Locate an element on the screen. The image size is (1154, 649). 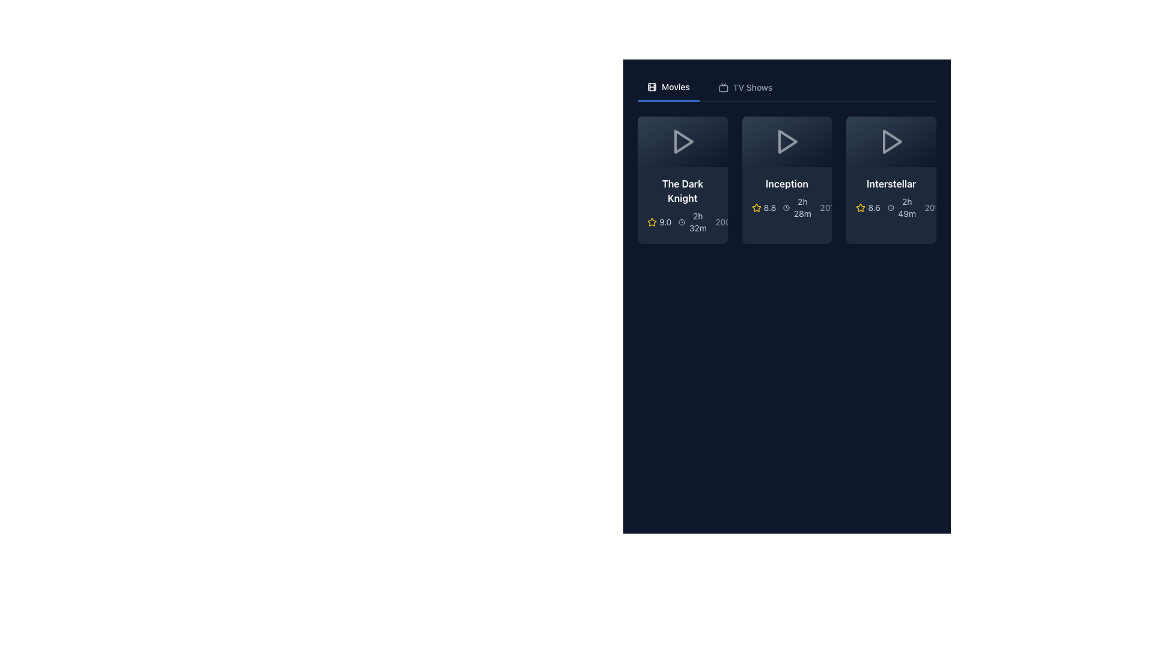
the triangular play button icon located above the title 'The Dark Knight' in the first media card to initiate playback is located at coordinates (683, 141).